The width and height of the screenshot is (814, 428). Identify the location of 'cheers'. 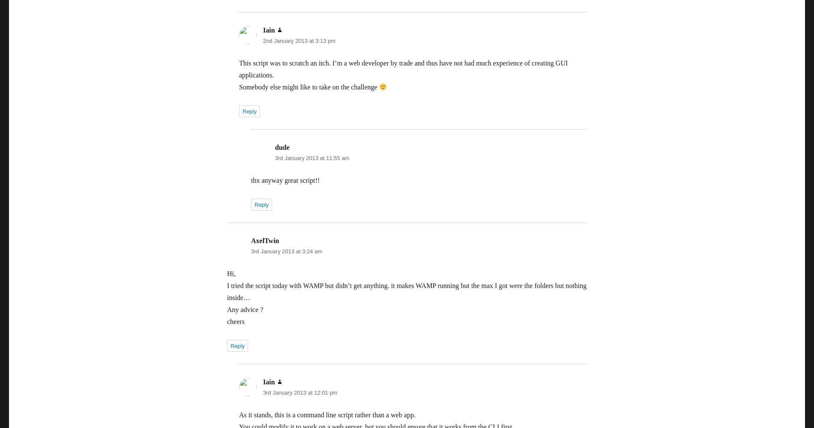
(236, 321).